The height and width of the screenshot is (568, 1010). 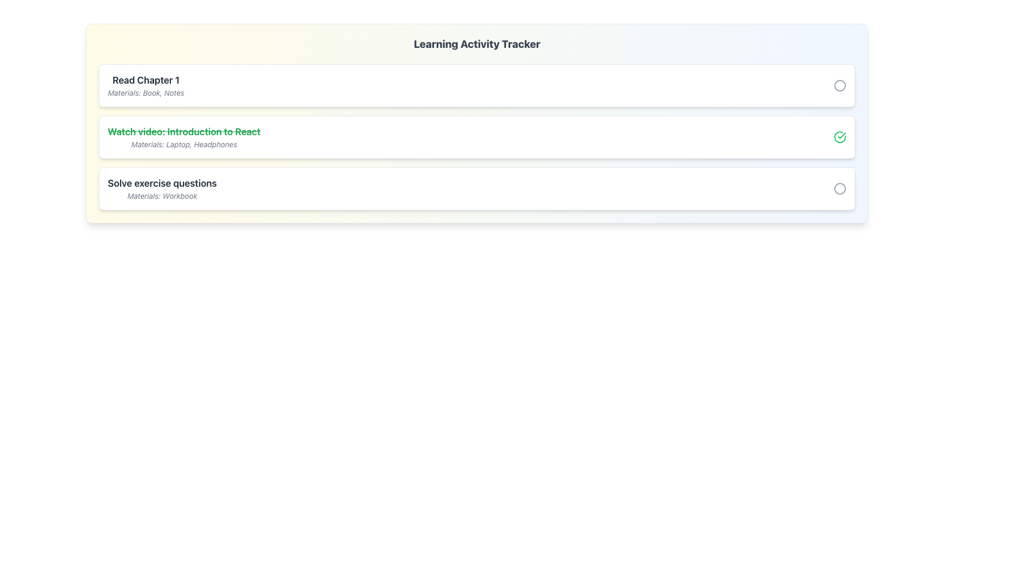 I want to click on text content of the Text block element that contains 'Solve exercise questions' and 'Materials: Workbook', located on the right-hand side of the third item in the list of tasks, so click(x=161, y=188).